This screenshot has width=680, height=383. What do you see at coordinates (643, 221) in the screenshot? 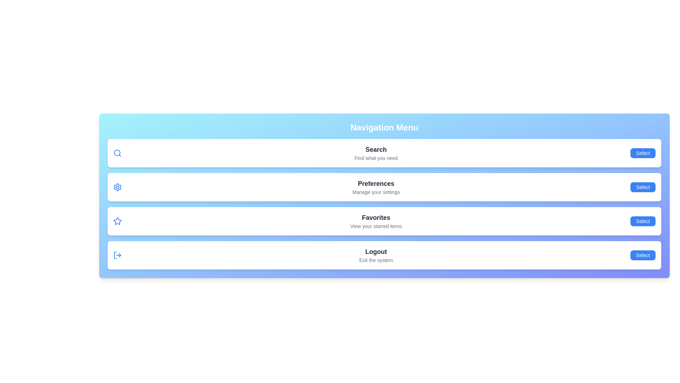
I see `the navigation item Favorites` at bounding box center [643, 221].